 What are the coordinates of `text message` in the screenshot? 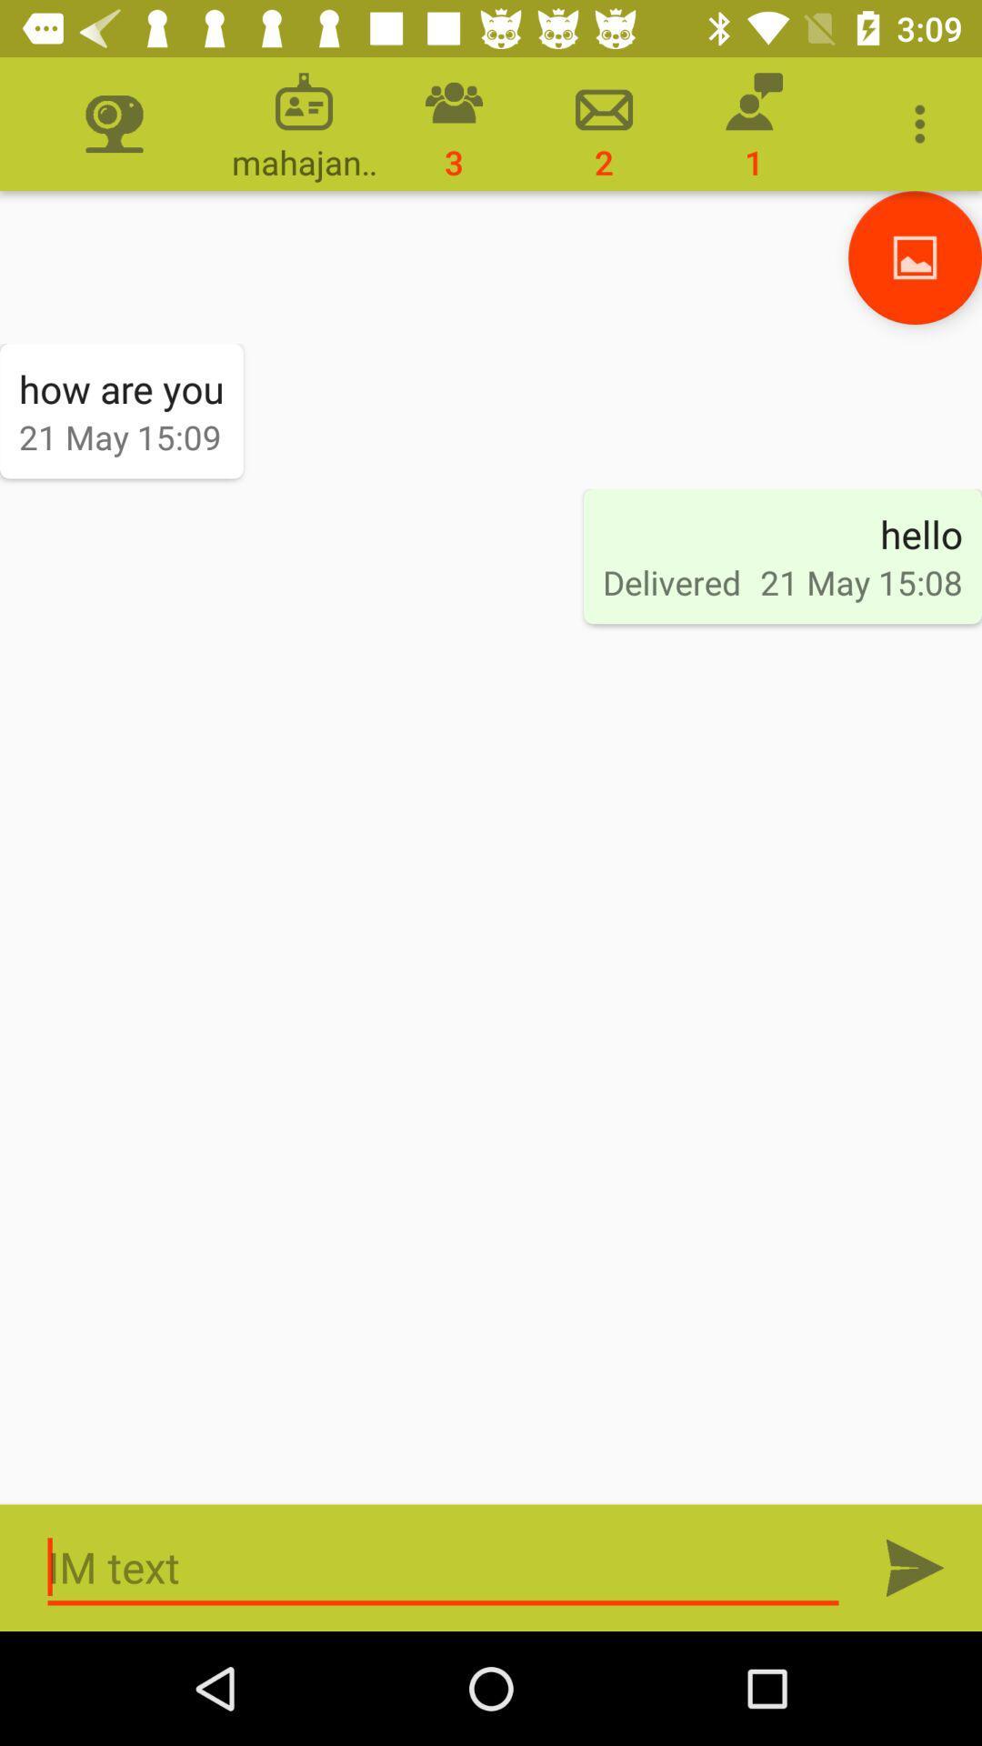 It's located at (443, 1567).